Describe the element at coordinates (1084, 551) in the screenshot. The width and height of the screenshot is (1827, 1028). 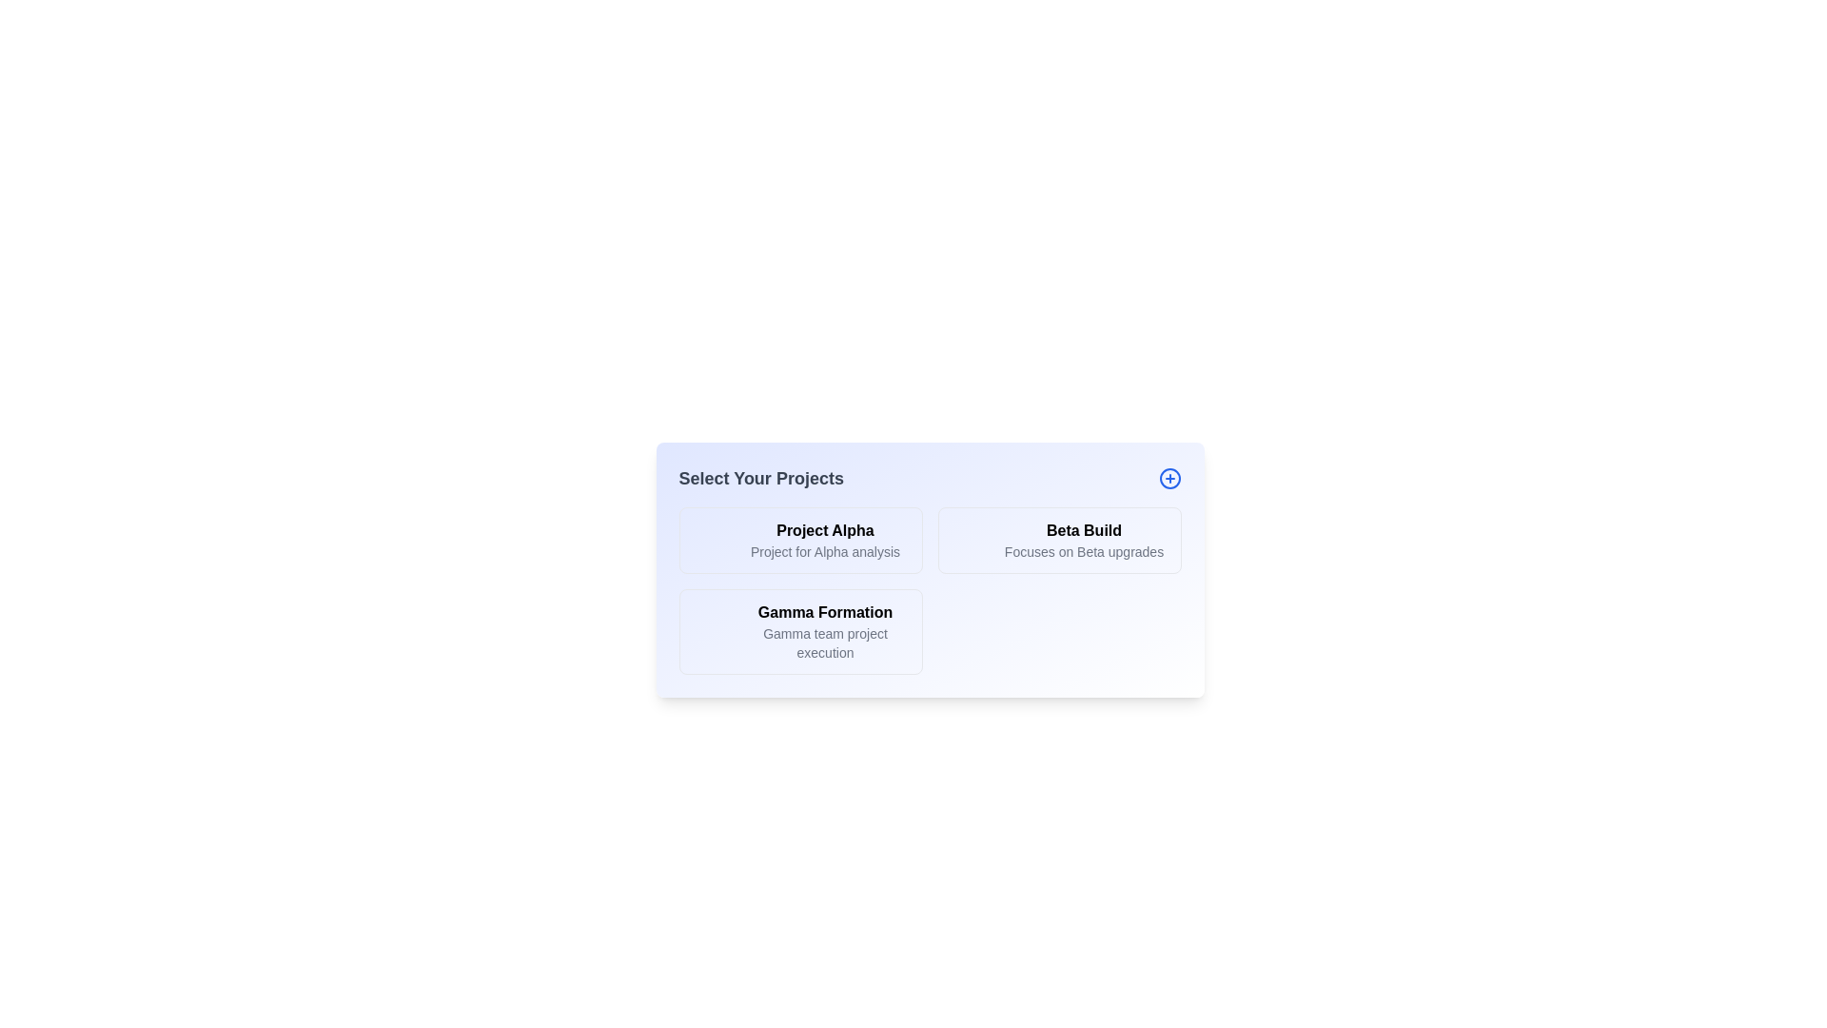
I see `the text label displaying 'Focuses on Beta upgrades', which is located below the 'Beta Build' header in the top-right section of the interface` at that location.